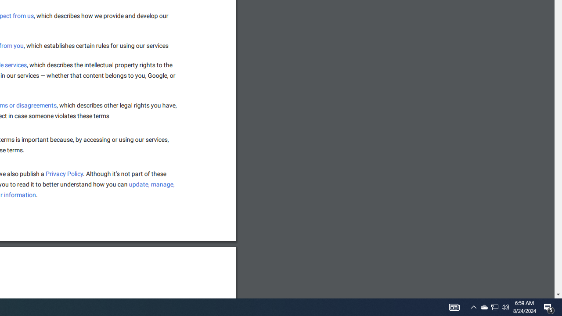 This screenshot has width=562, height=316. Describe the element at coordinates (152, 184) in the screenshot. I see `'update, manage,'` at that location.